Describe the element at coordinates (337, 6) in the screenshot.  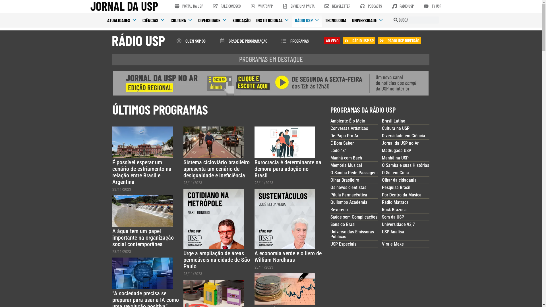
I see `'NEWSLETTER'` at that location.